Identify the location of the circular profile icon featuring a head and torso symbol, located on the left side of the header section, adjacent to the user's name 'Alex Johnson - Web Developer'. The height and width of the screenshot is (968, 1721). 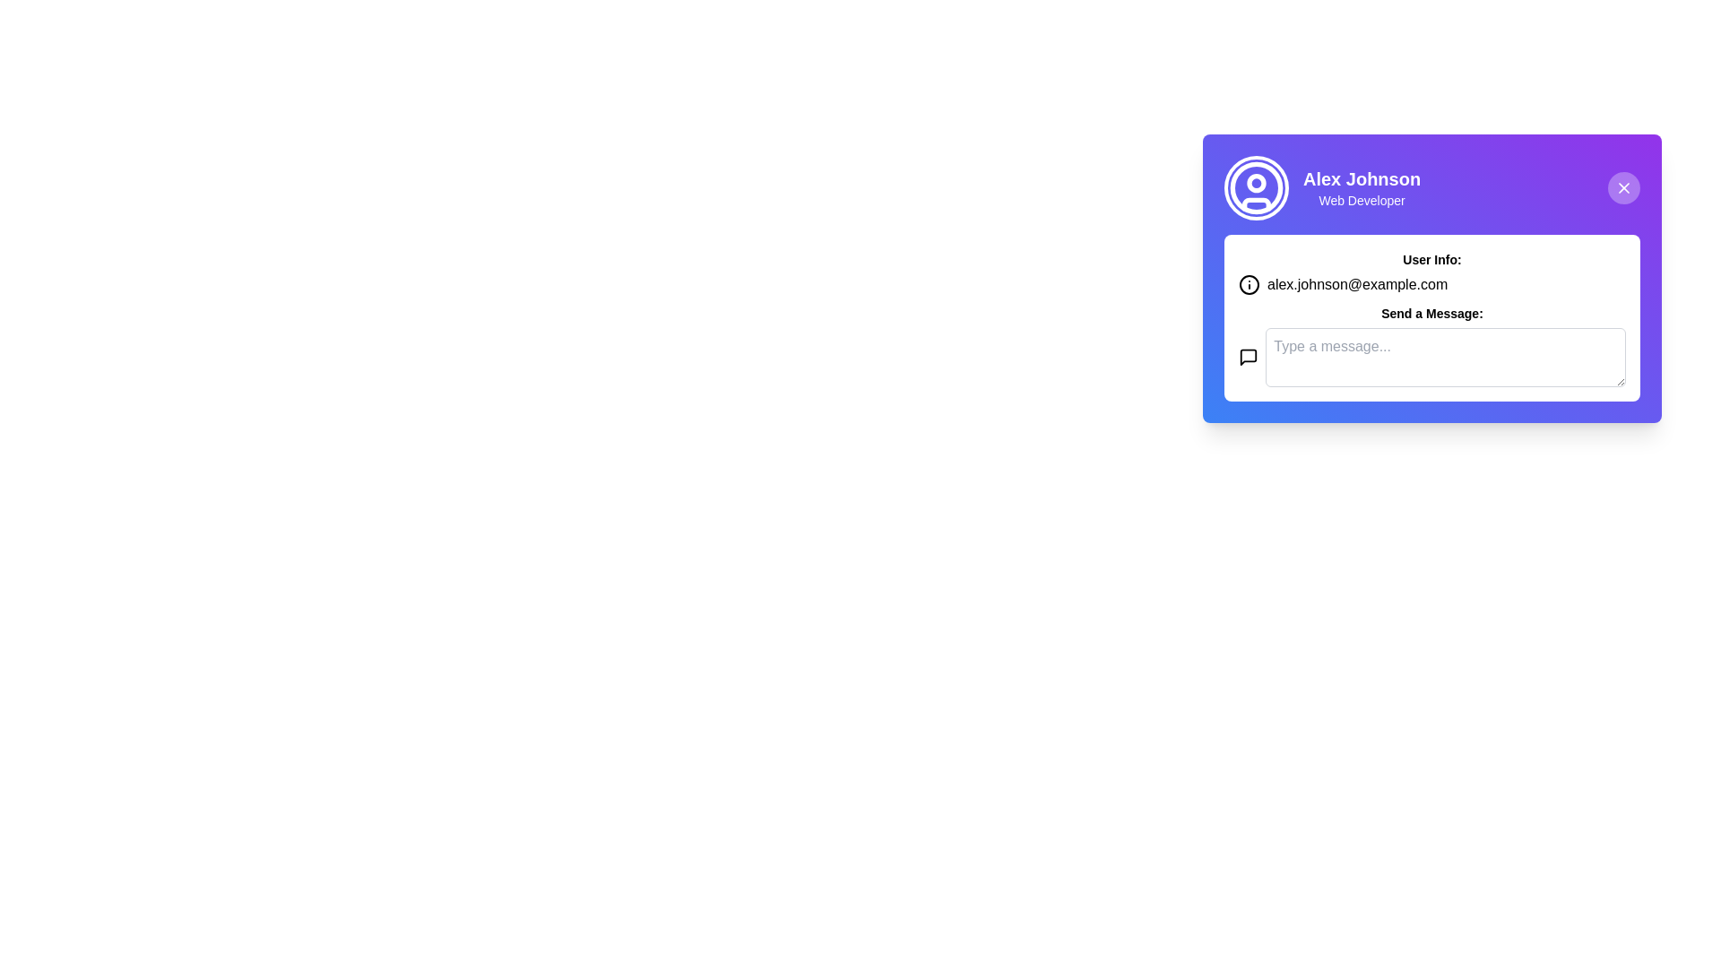
(1255, 187).